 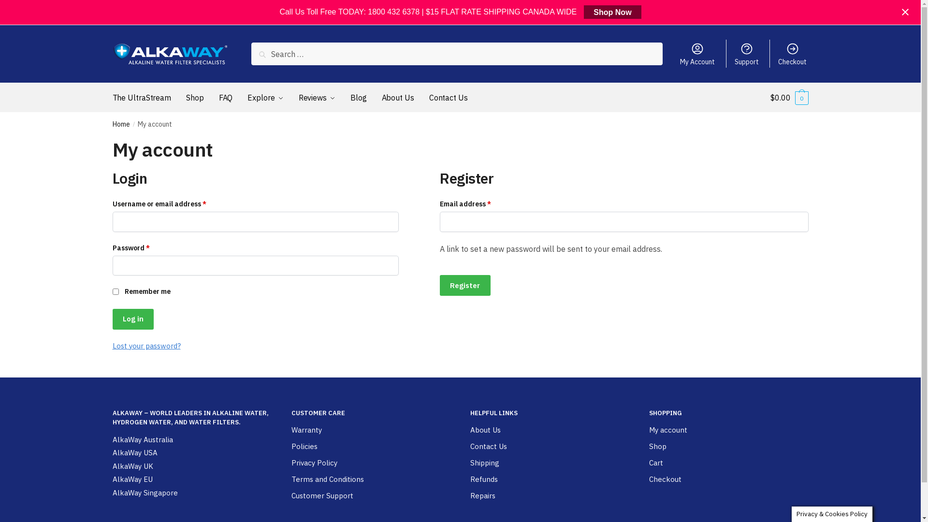 I want to click on 'AlkaWay UK', so click(x=112, y=466).